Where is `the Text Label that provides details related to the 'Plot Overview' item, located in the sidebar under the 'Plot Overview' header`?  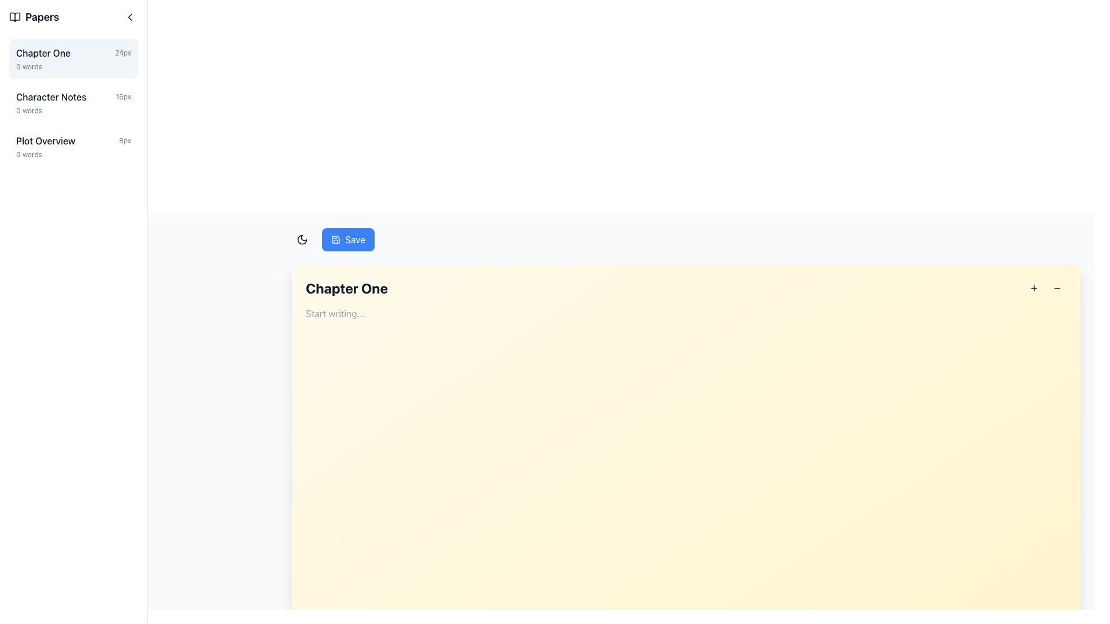
the Text Label that provides details related to the 'Plot Overview' item, located in the sidebar under the 'Plot Overview' header is located at coordinates (125, 140).